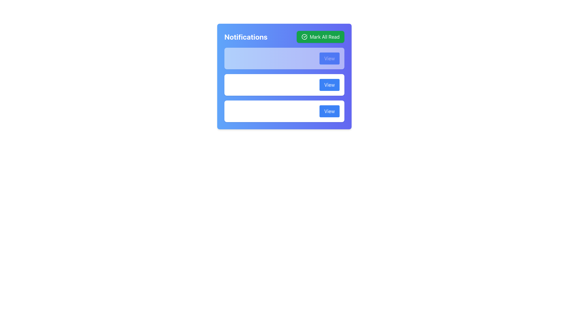  Describe the element at coordinates (329, 85) in the screenshot. I see `the 'View' button with a blue background and white text, located within the 'System update available' notification card` at that location.